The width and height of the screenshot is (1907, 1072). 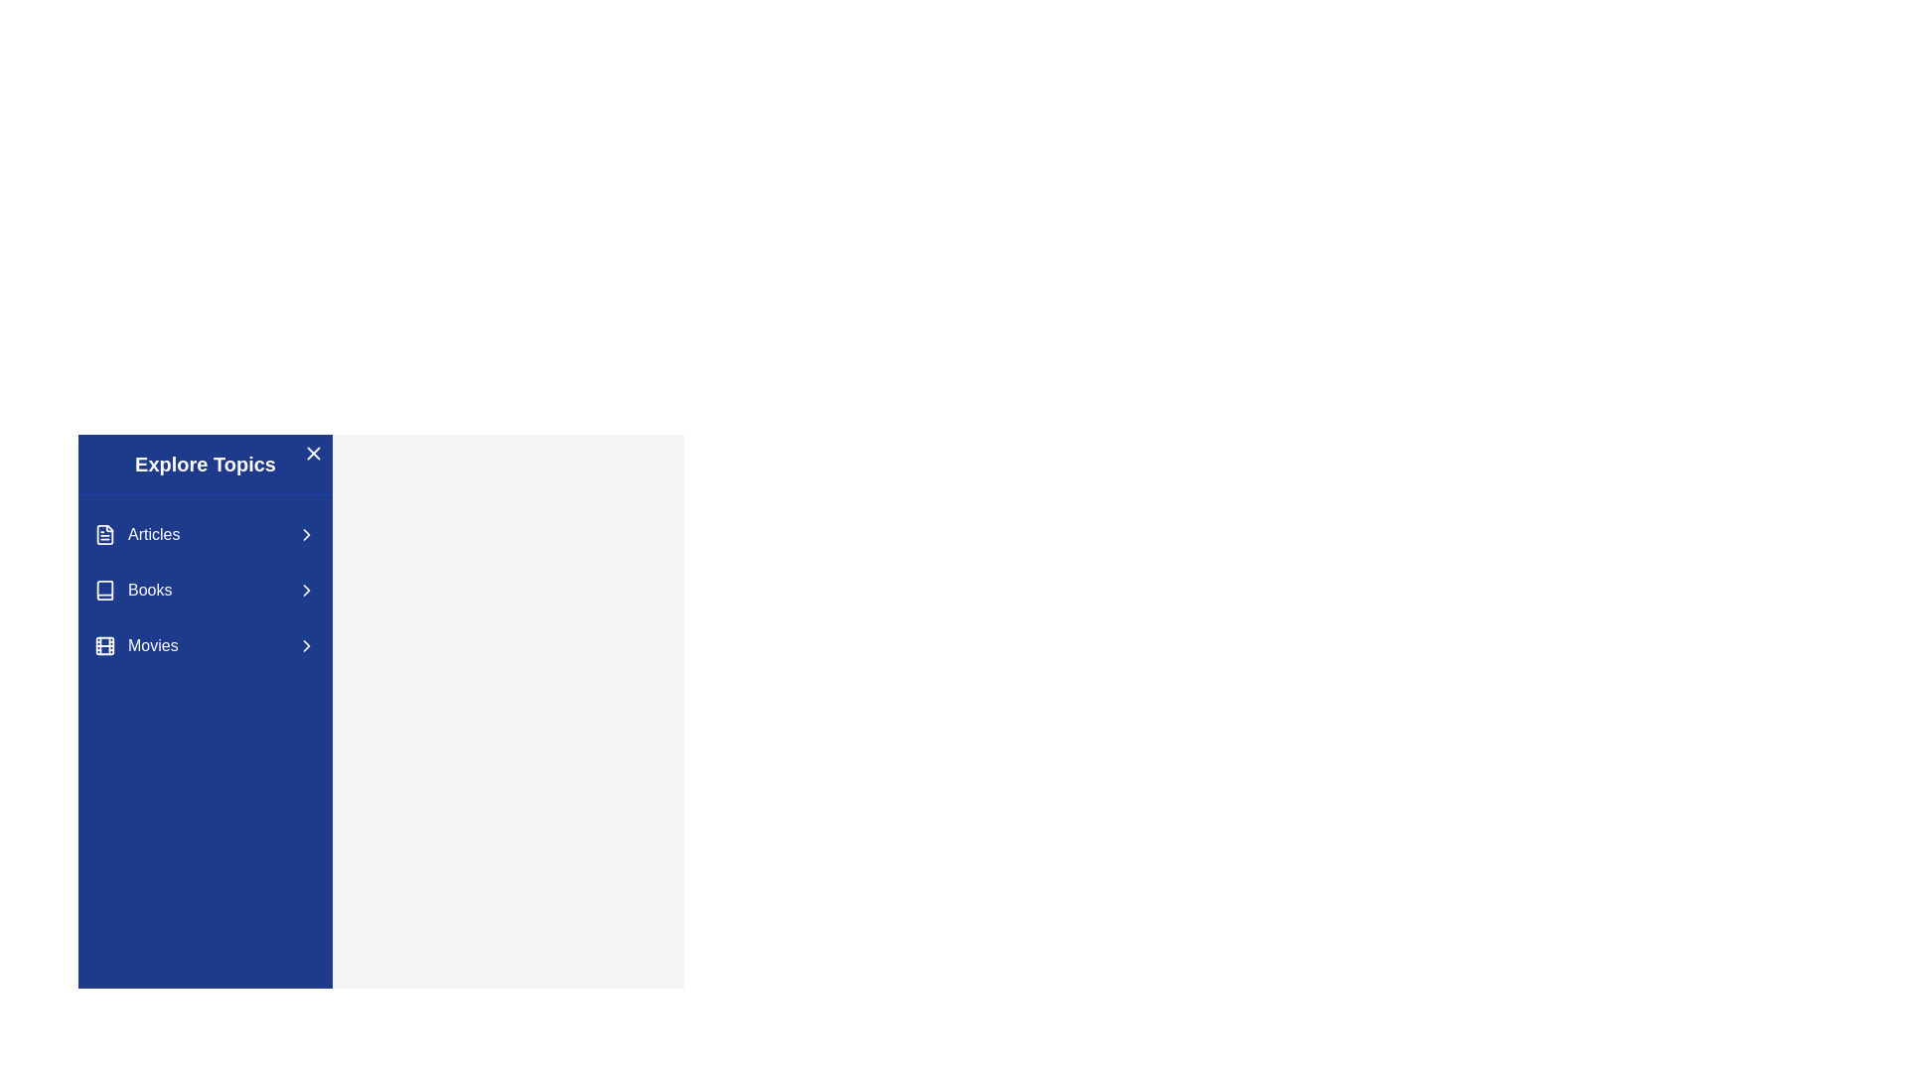 I want to click on the 'Books' text label in the vertical navigation menu, which is located beneath the 'Articles' entry and above the 'Movies' entry, so click(x=149, y=589).